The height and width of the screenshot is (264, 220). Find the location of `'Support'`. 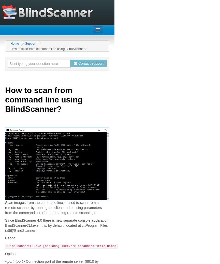

'Support' is located at coordinates (30, 43).